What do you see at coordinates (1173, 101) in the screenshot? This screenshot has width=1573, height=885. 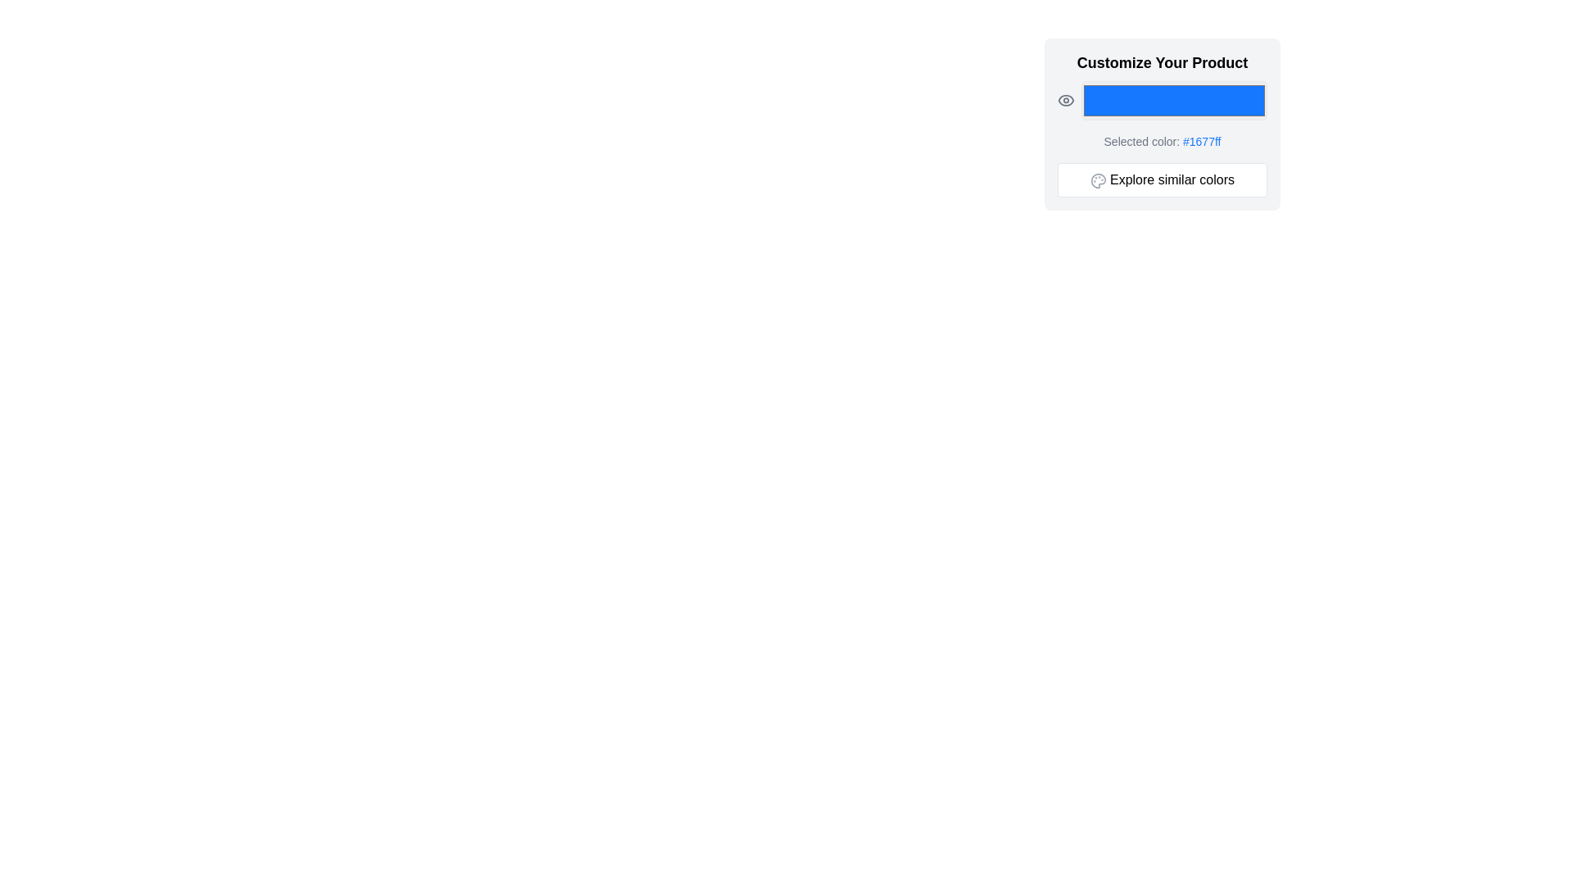 I see `the Color input field` at bounding box center [1173, 101].